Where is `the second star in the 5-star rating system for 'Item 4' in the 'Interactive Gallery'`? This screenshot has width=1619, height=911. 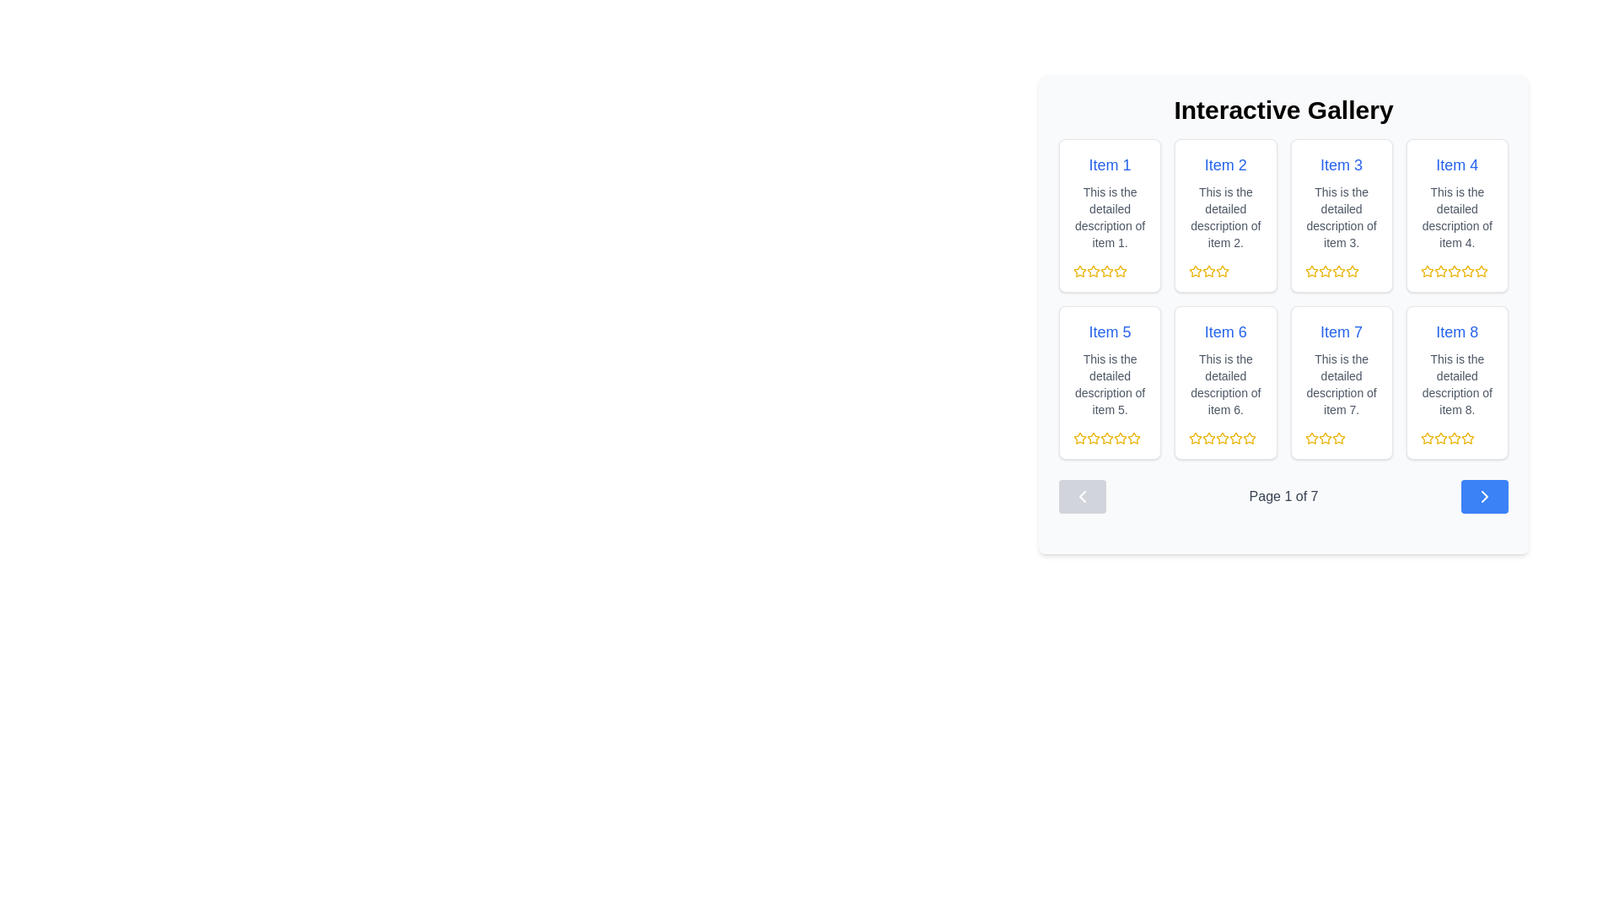
the second star in the 5-star rating system for 'Item 4' in the 'Interactive Gallery' is located at coordinates (1439, 270).